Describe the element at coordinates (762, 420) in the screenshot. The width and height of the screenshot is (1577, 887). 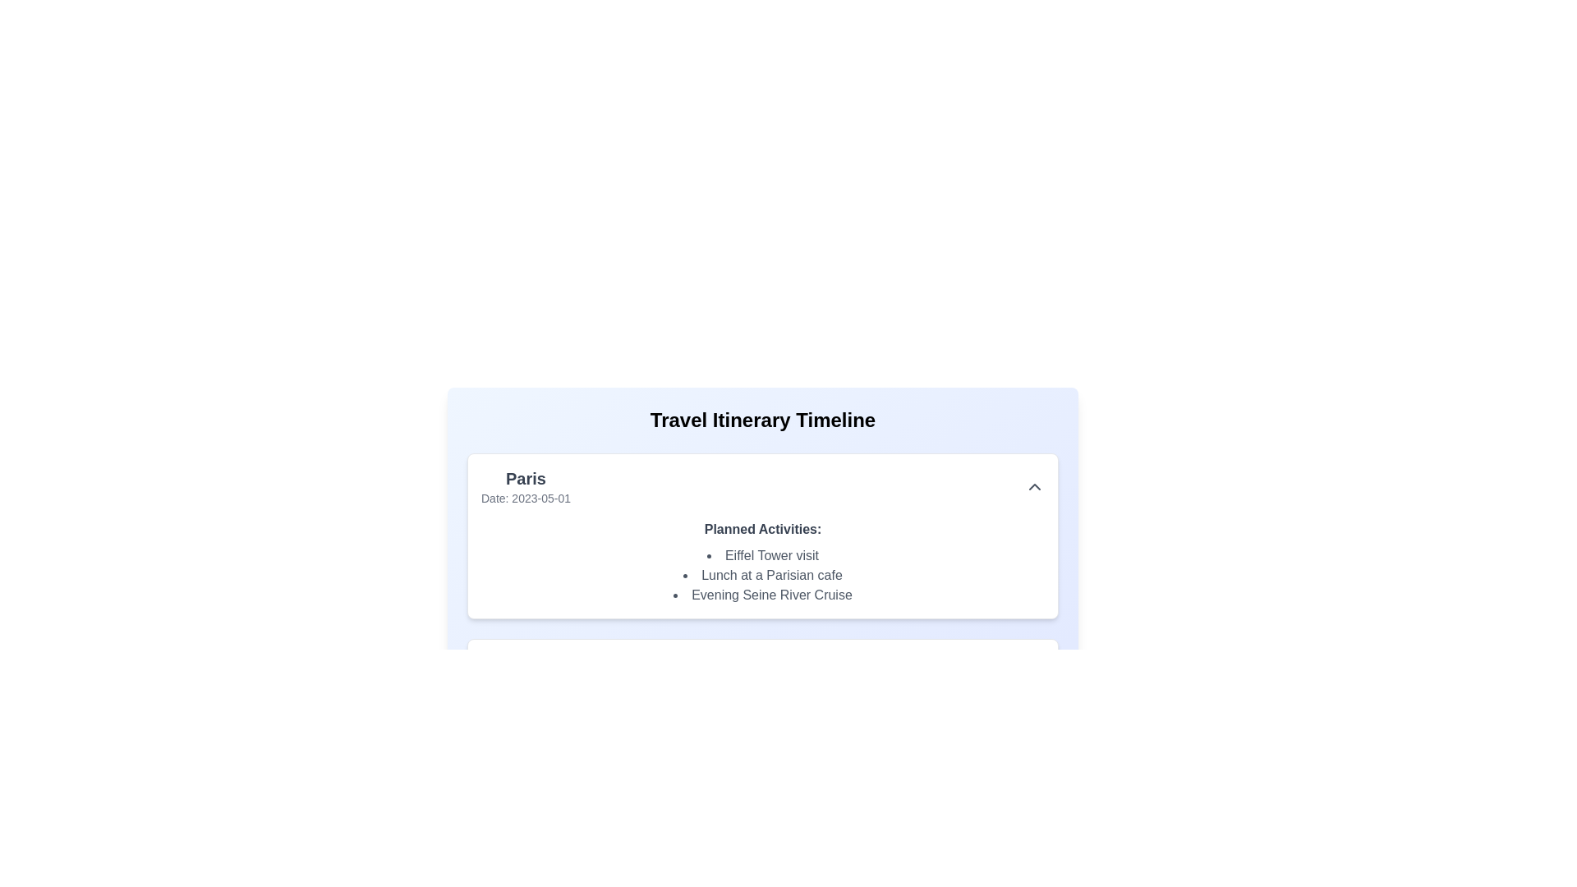
I see `heading text that serves as the title for the travel itinerary timeline, positioned at the top of the section above the activities and dates` at that location.